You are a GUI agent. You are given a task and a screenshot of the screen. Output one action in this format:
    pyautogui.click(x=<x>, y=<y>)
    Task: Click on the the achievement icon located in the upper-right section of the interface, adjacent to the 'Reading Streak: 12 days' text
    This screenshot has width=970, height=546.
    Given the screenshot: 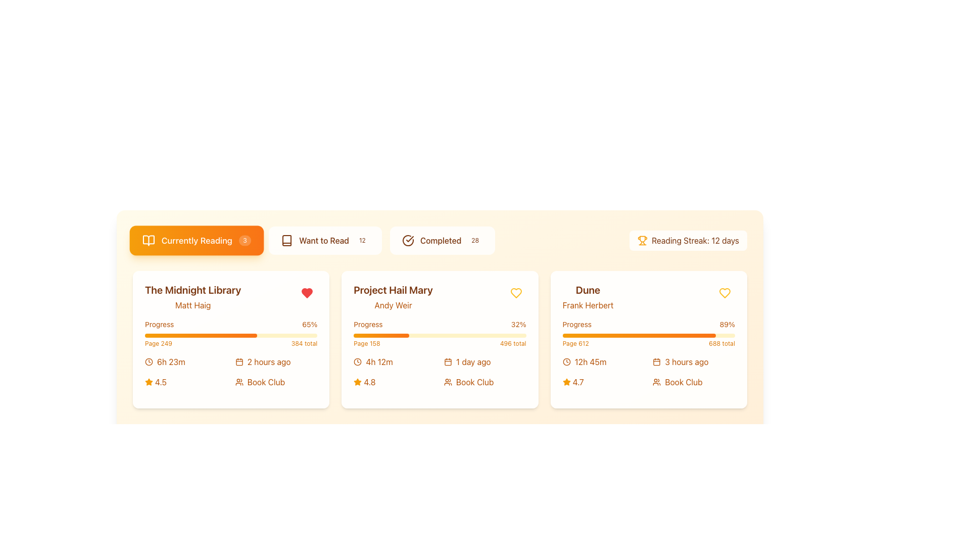 What is the action you would take?
    pyautogui.click(x=642, y=240)
    